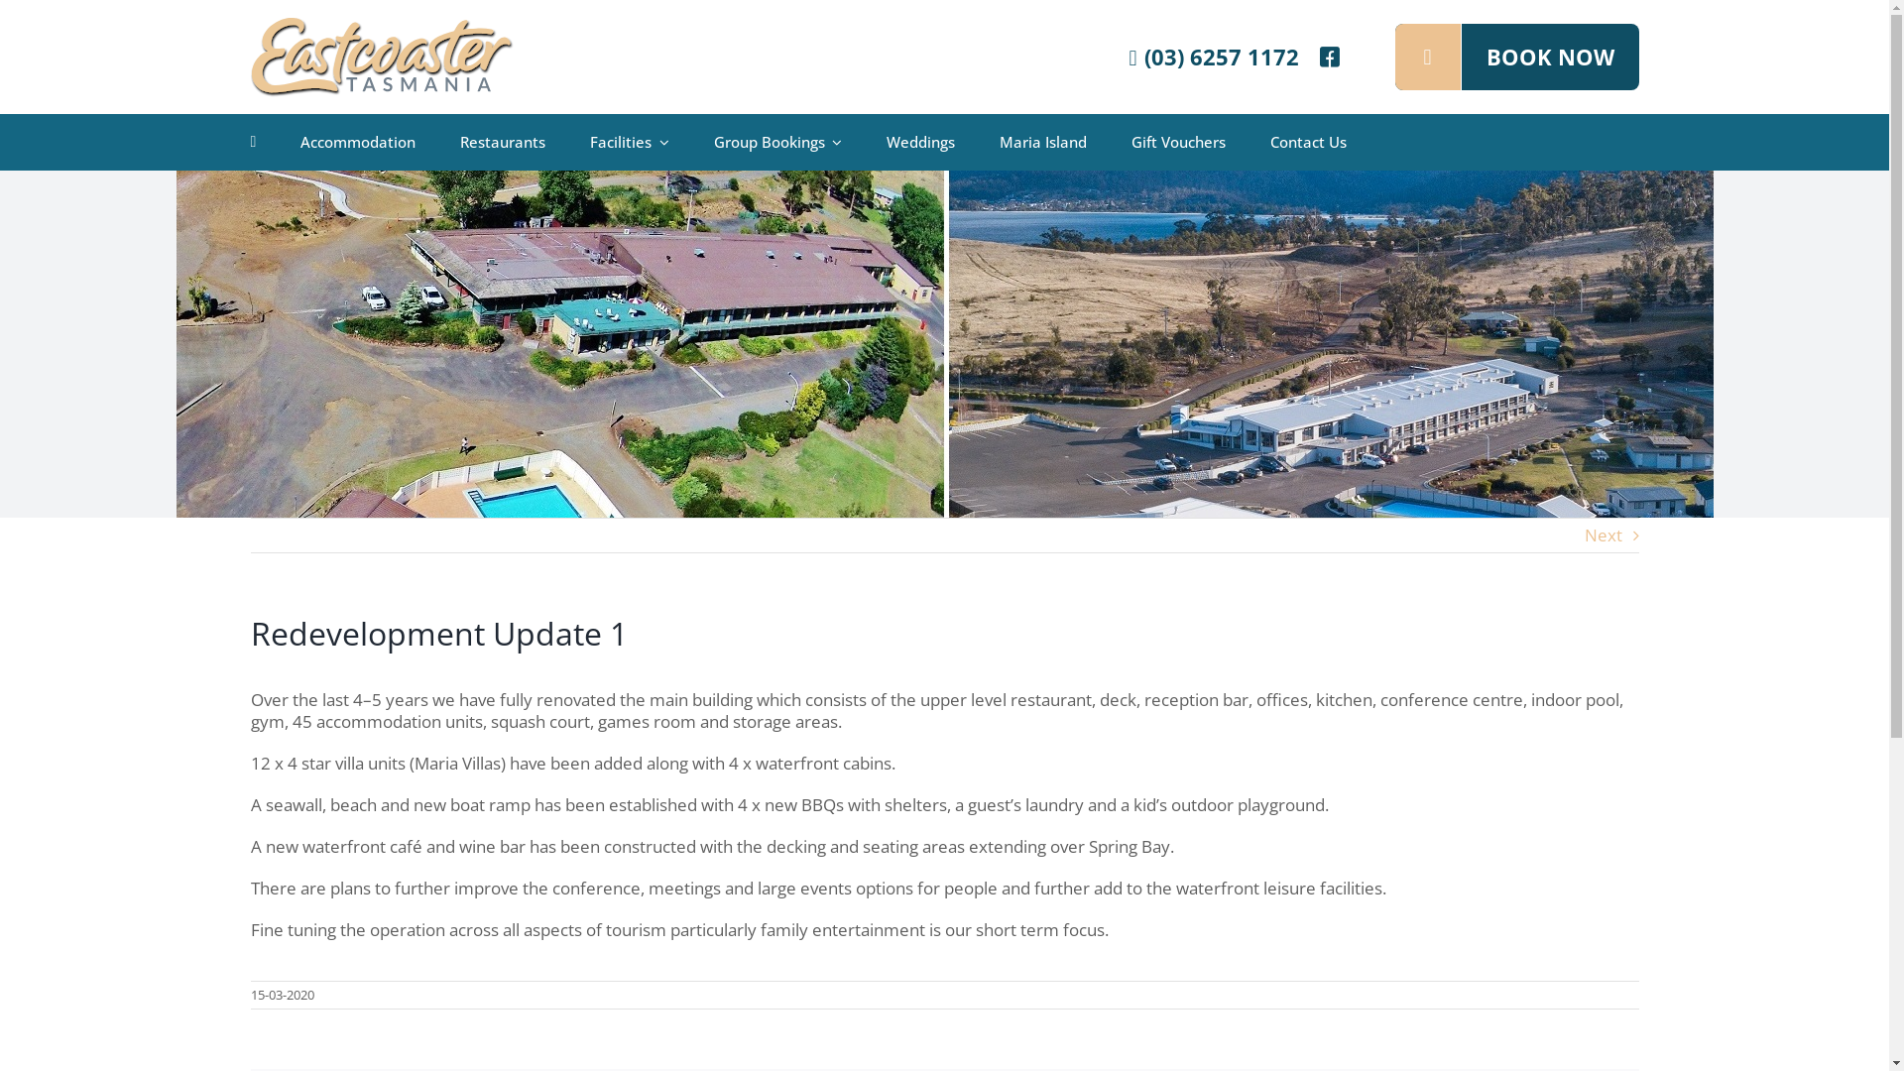 Image resolution: width=1904 pixels, height=1071 pixels. Describe the element at coordinates (1308, 141) in the screenshot. I see `'Contact Us'` at that location.